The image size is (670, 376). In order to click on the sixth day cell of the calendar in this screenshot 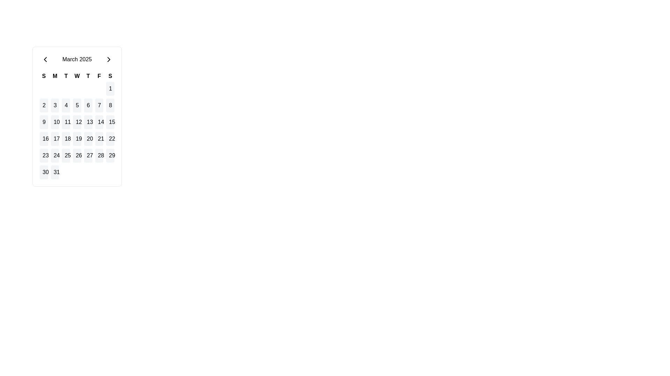, I will do `click(88, 105)`.